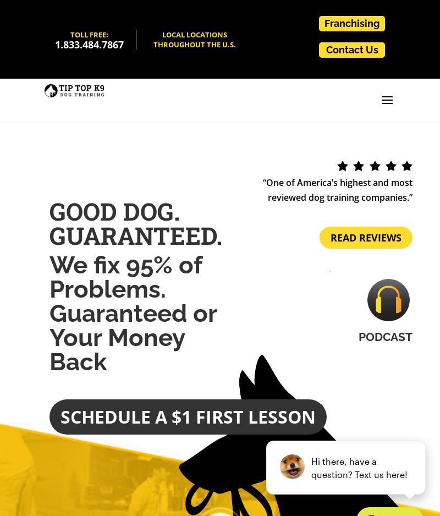  Describe the element at coordinates (188, 416) in the screenshot. I see `'Schedule a $1 First Lesson'` at that location.